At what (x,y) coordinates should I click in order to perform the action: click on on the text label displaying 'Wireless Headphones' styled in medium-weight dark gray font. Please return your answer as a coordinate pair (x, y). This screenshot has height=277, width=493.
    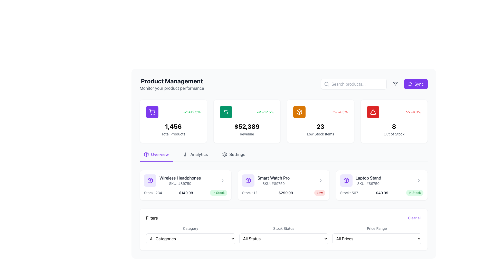
    Looking at the image, I should click on (180, 178).